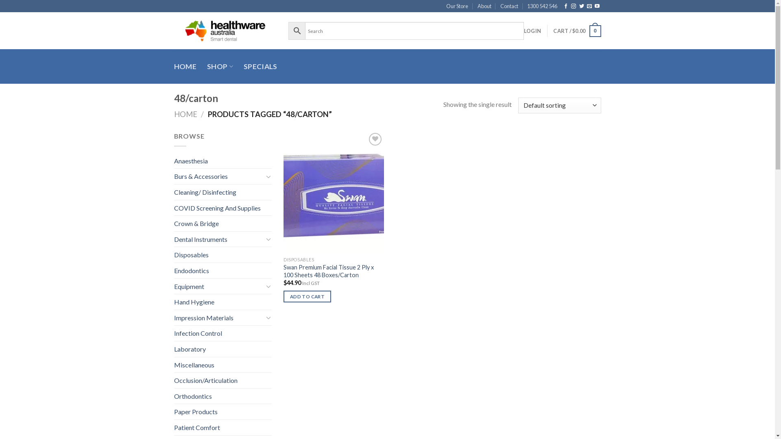  I want to click on 'Crown & Bridge', so click(173, 224).